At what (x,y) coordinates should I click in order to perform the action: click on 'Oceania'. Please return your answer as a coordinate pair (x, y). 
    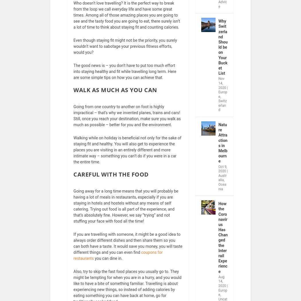
    Looking at the image, I should click on (222, 190).